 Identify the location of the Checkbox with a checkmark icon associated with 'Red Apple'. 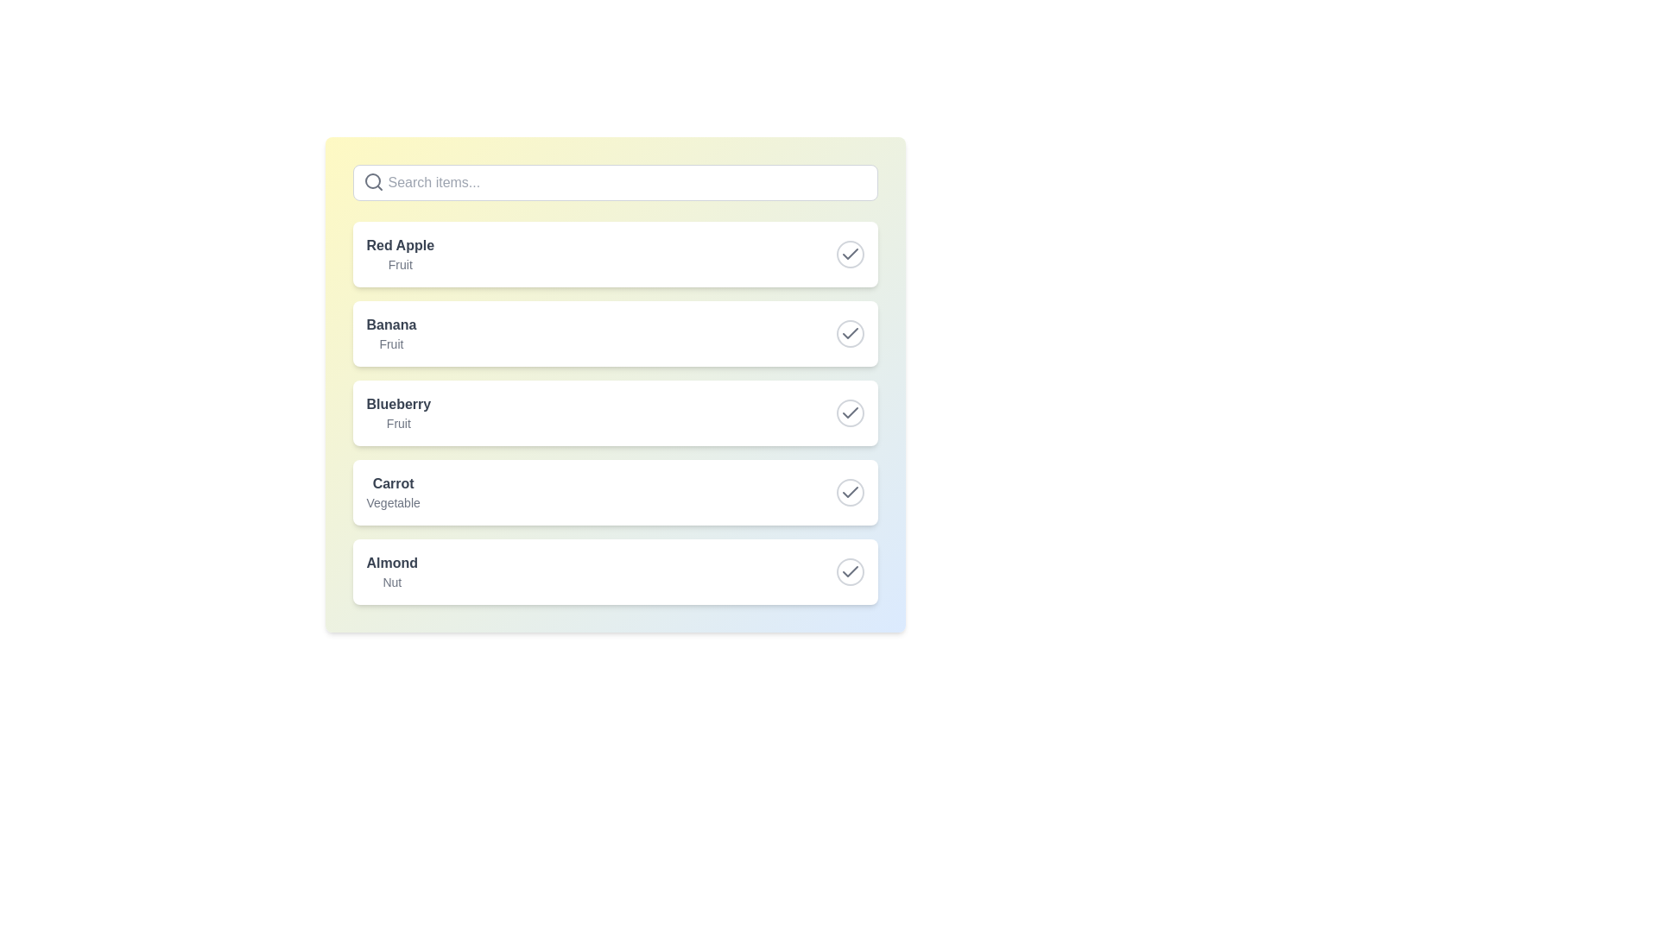
(850, 254).